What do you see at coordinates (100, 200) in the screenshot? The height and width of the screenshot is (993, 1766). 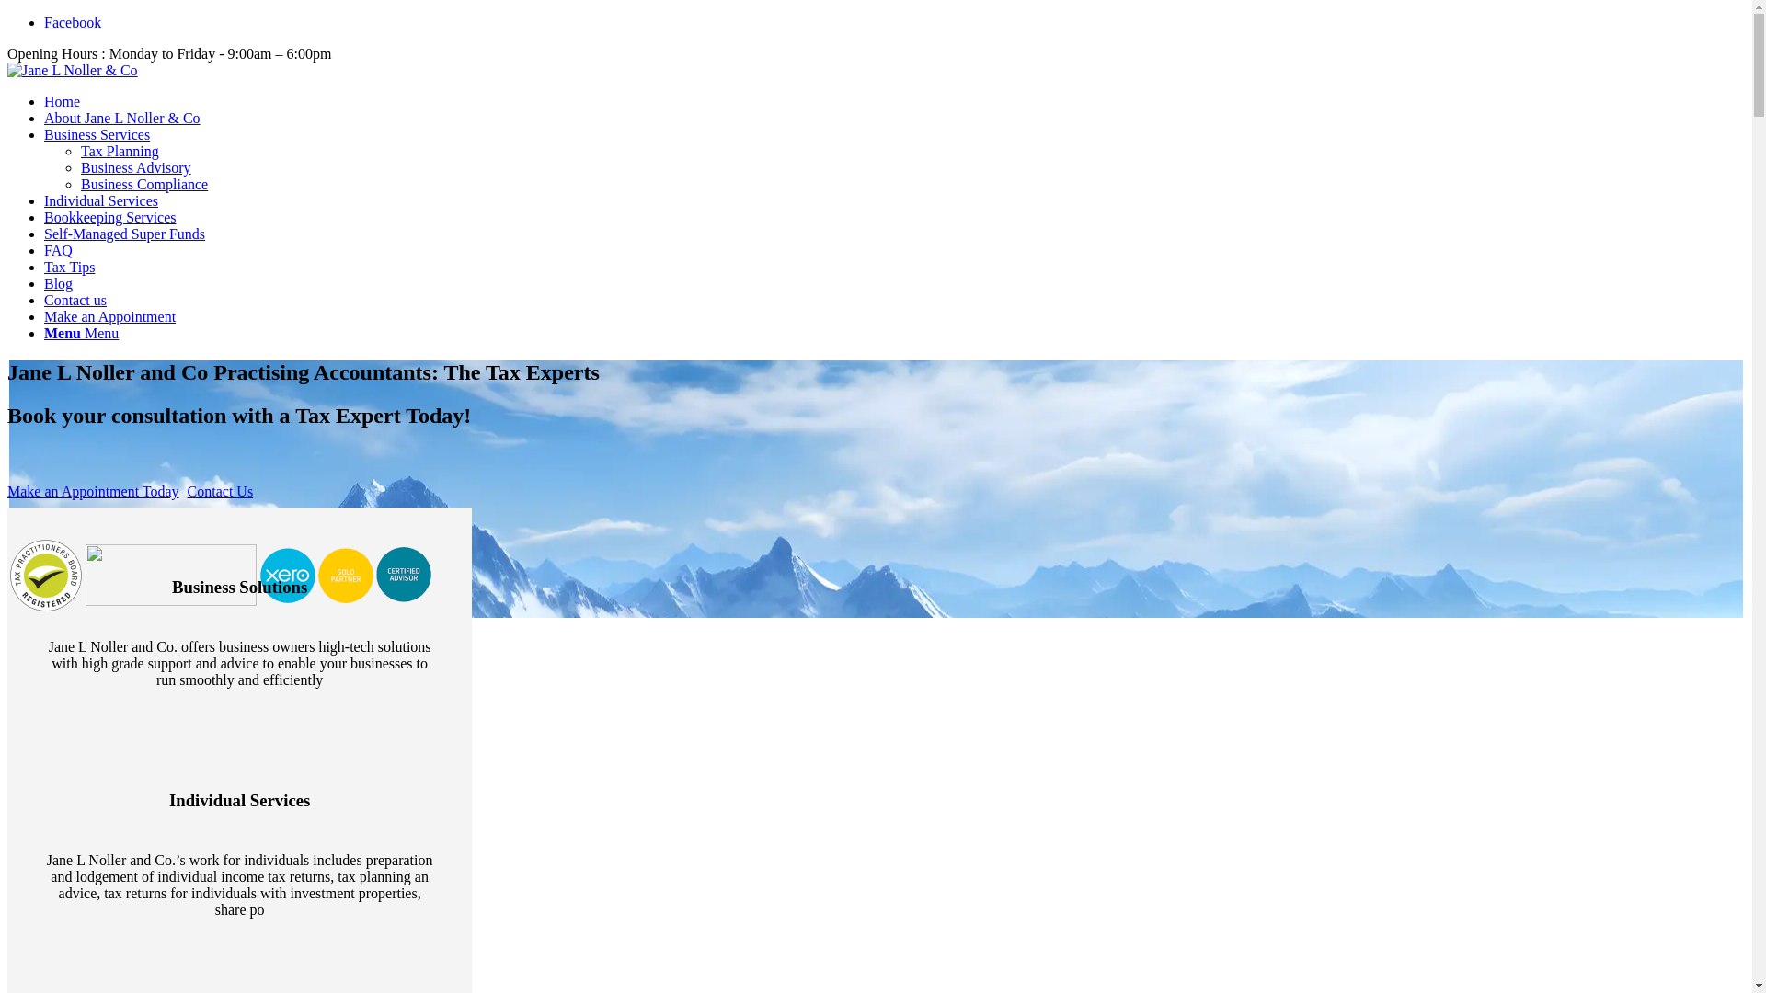 I see `'Individual Services'` at bounding box center [100, 200].